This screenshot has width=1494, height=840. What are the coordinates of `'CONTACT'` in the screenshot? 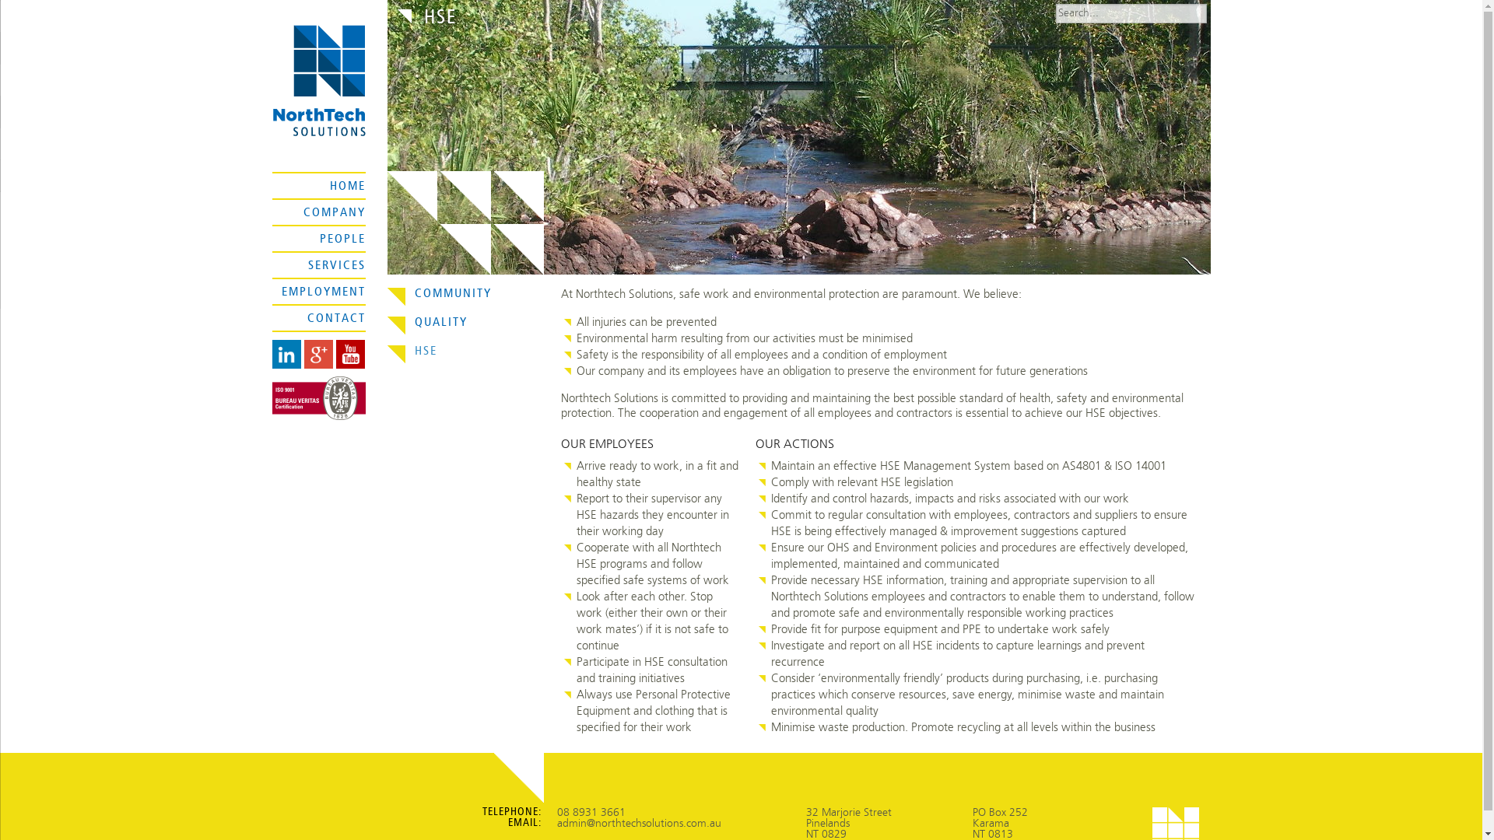 It's located at (335, 317).